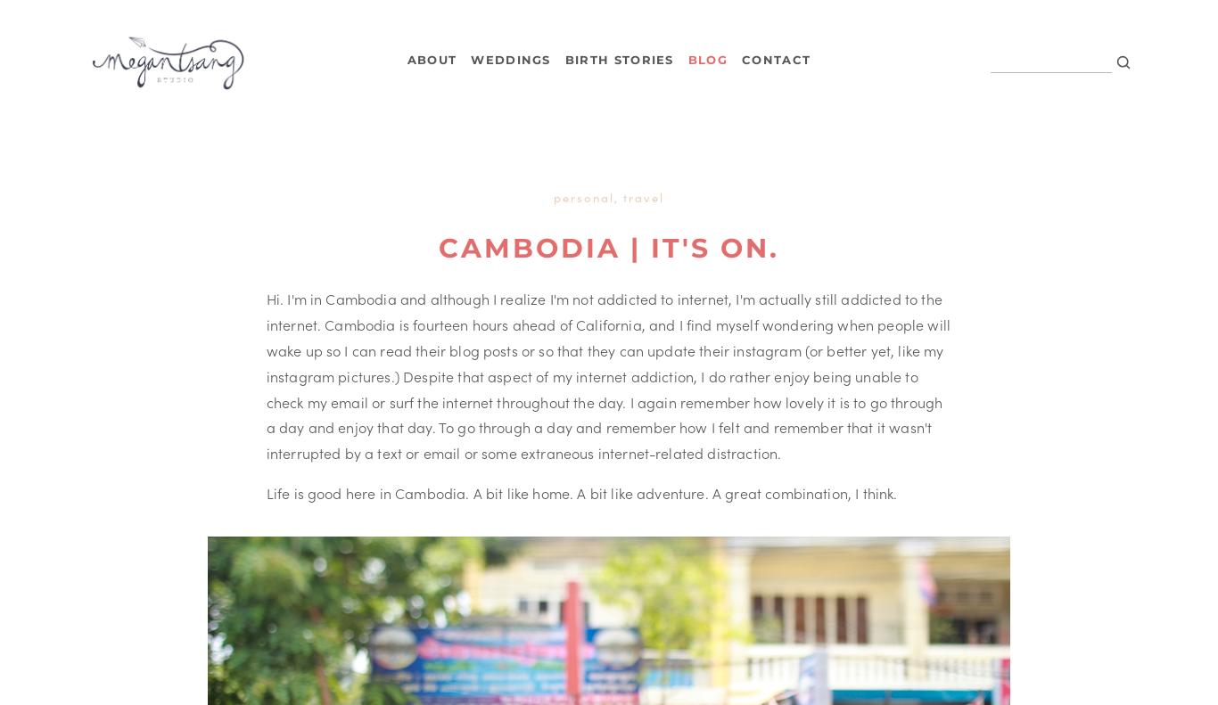 The width and height of the screenshot is (1218, 705). I want to click on 'Personal', so click(582, 196).